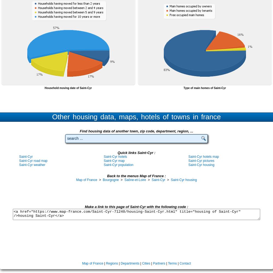 This screenshot has height=273, width=273. I want to click on 'Household moving date of Saint-Cyr', so click(44, 88).